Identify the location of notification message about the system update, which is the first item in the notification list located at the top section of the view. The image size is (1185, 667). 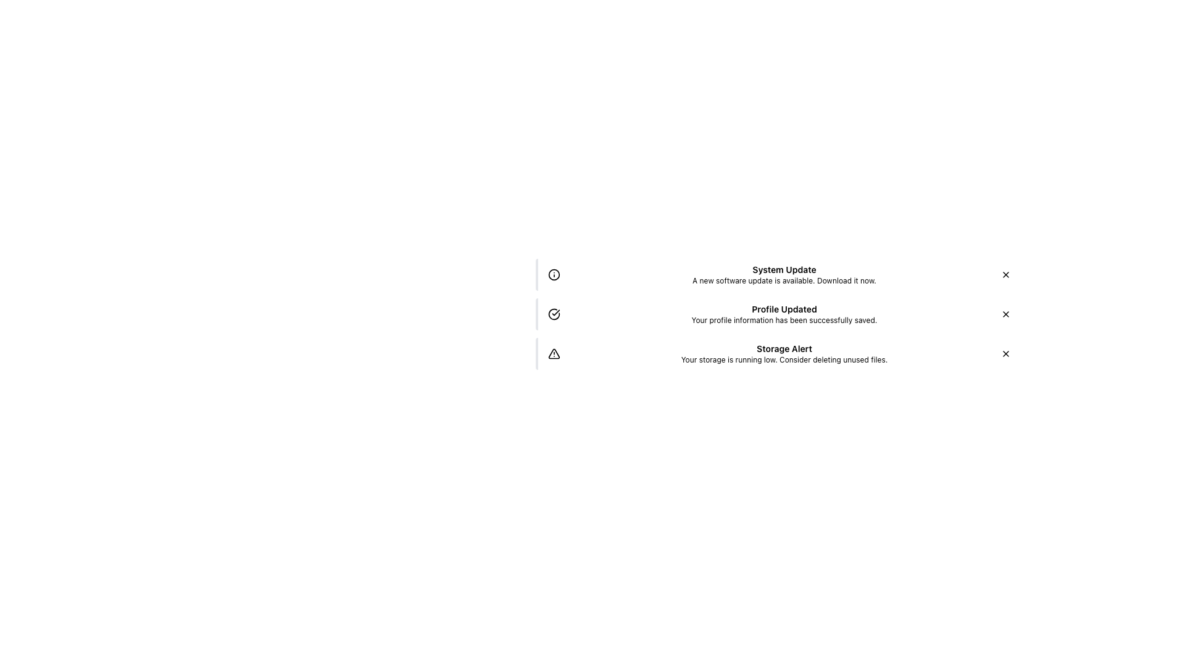
(784, 274).